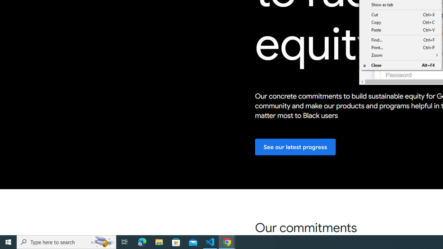 Image resolution: width=443 pixels, height=249 pixels. What do you see at coordinates (66, 241) in the screenshot?
I see `'Type here to search'` at bounding box center [66, 241].